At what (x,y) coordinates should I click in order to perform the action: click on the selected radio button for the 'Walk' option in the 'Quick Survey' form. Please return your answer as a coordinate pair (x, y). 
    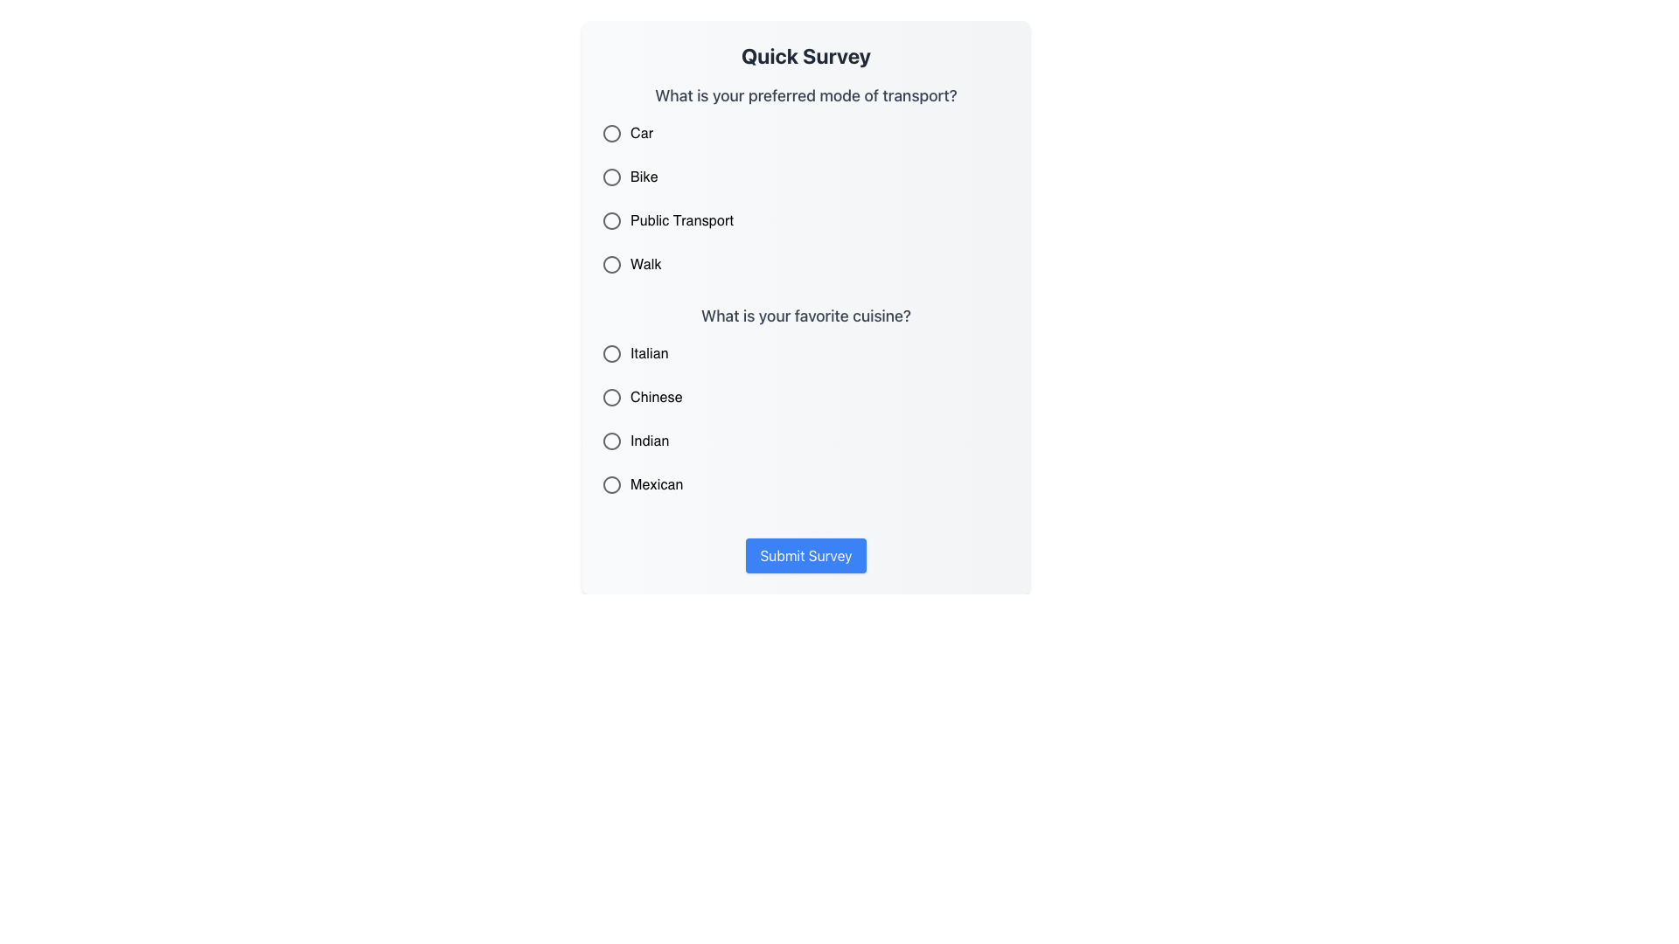
    Looking at the image, I should click on (612, 265).